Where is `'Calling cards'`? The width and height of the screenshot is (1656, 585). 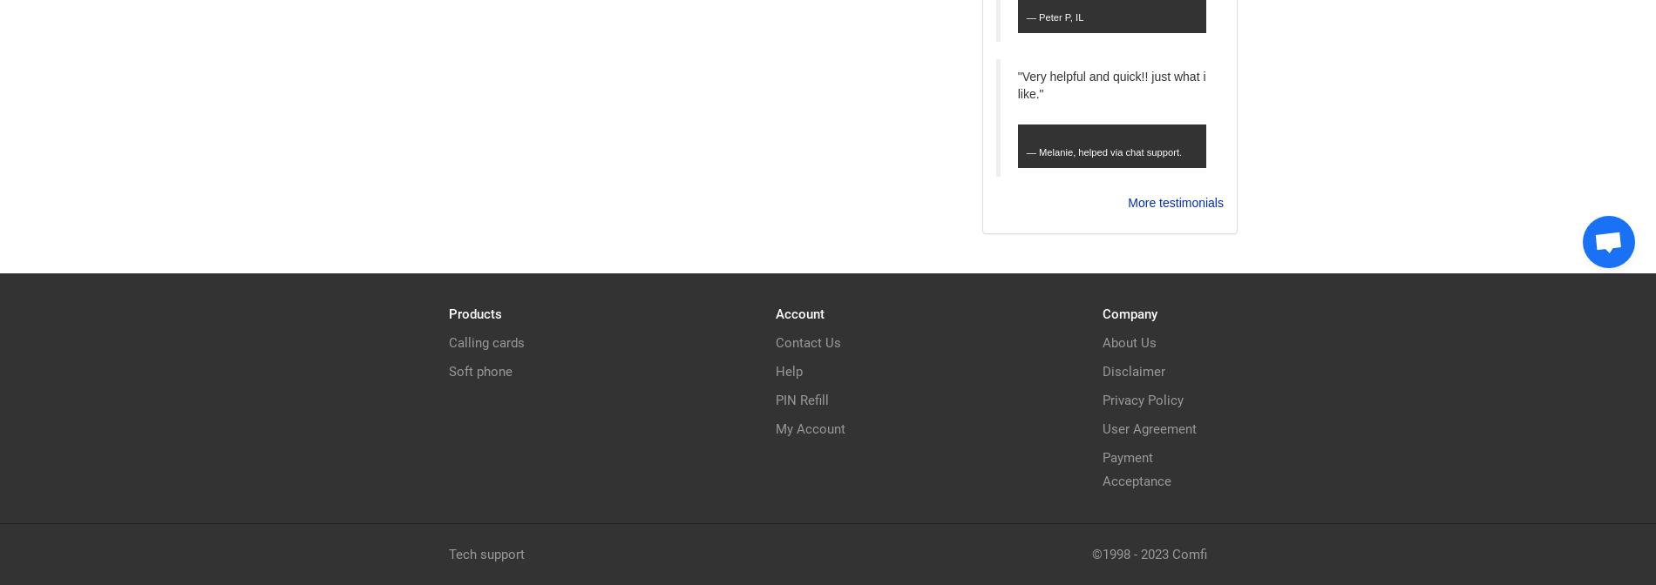
'Calling cards' is located at coordinates (486, 342).